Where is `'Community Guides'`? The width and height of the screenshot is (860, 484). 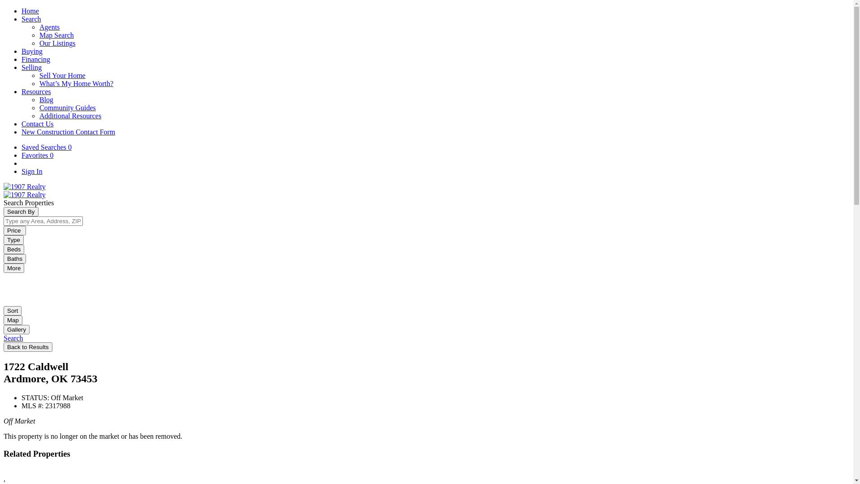
'Community Guides' is located at coordinates (67, 107).